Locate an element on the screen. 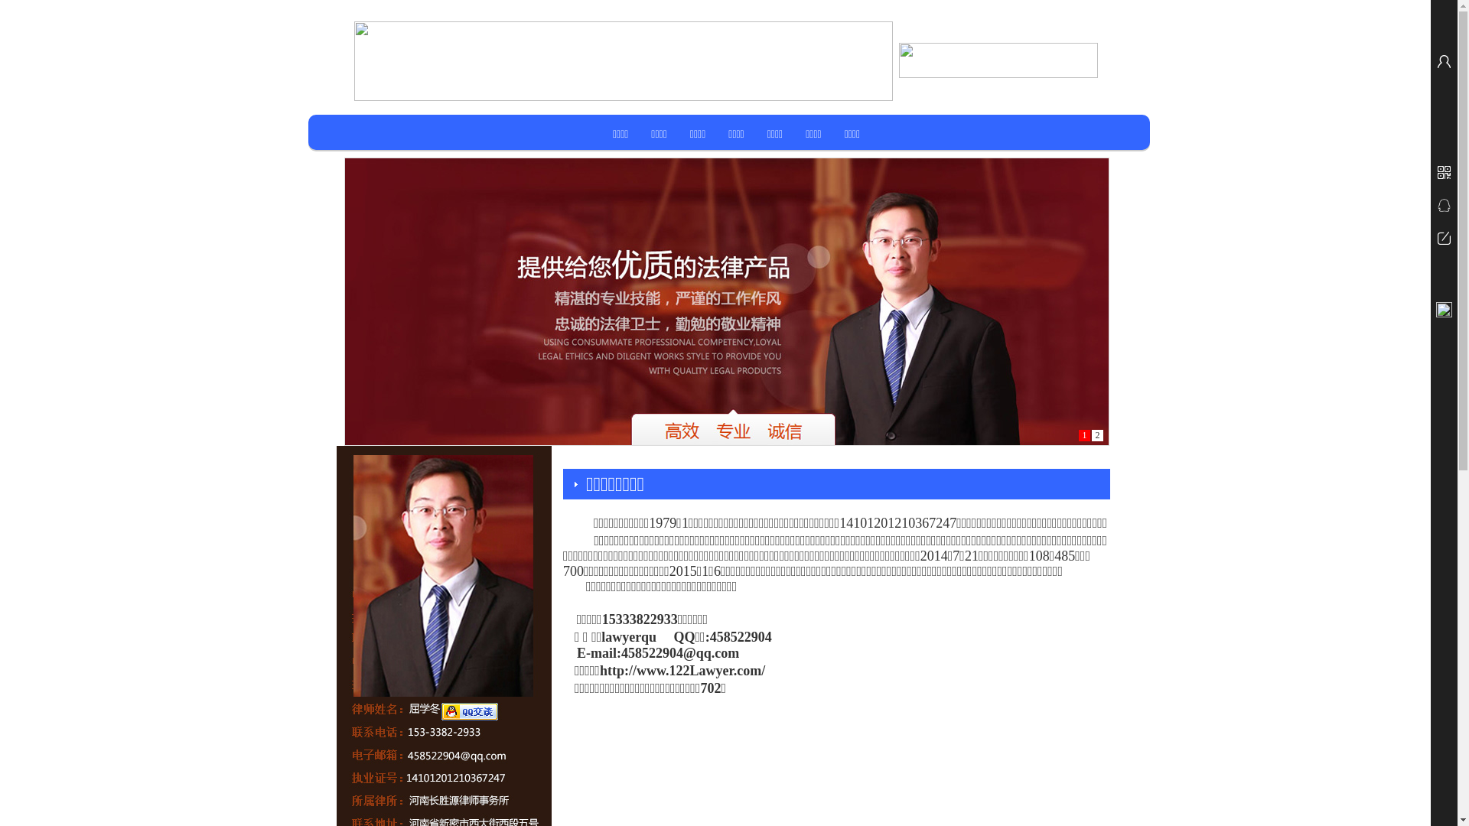  'http://www.122Lawyer.com/' is located at coordinates (682, 672).